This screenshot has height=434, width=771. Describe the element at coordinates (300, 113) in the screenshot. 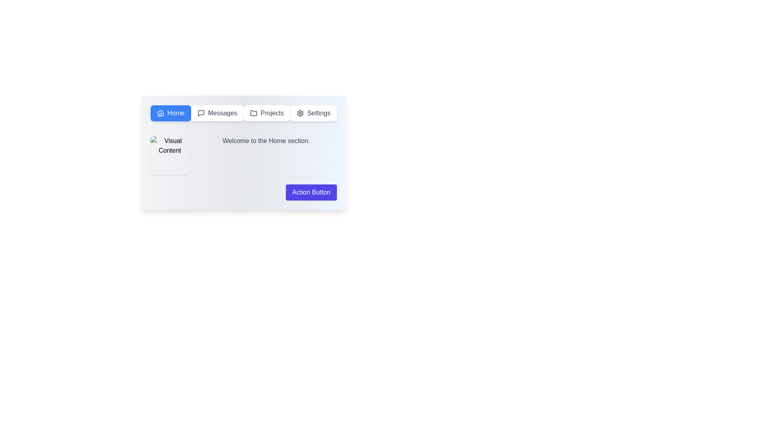

I see `the small gear icon in the Settings button` at that location.